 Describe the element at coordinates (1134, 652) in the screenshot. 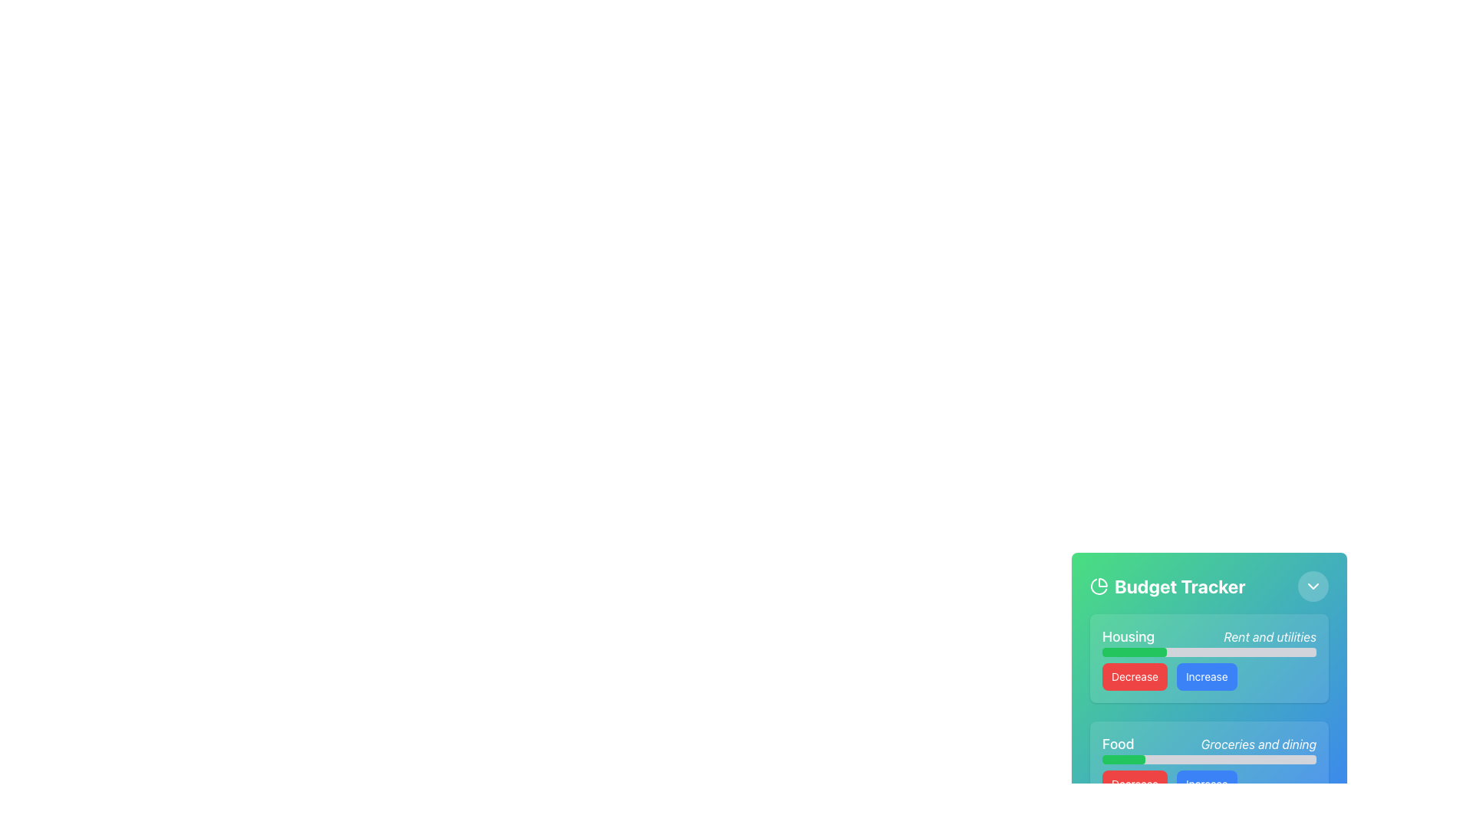

I see `the Progress Bar that visually represents the progress or completion percentage of the 'Housing' data context` at that location.